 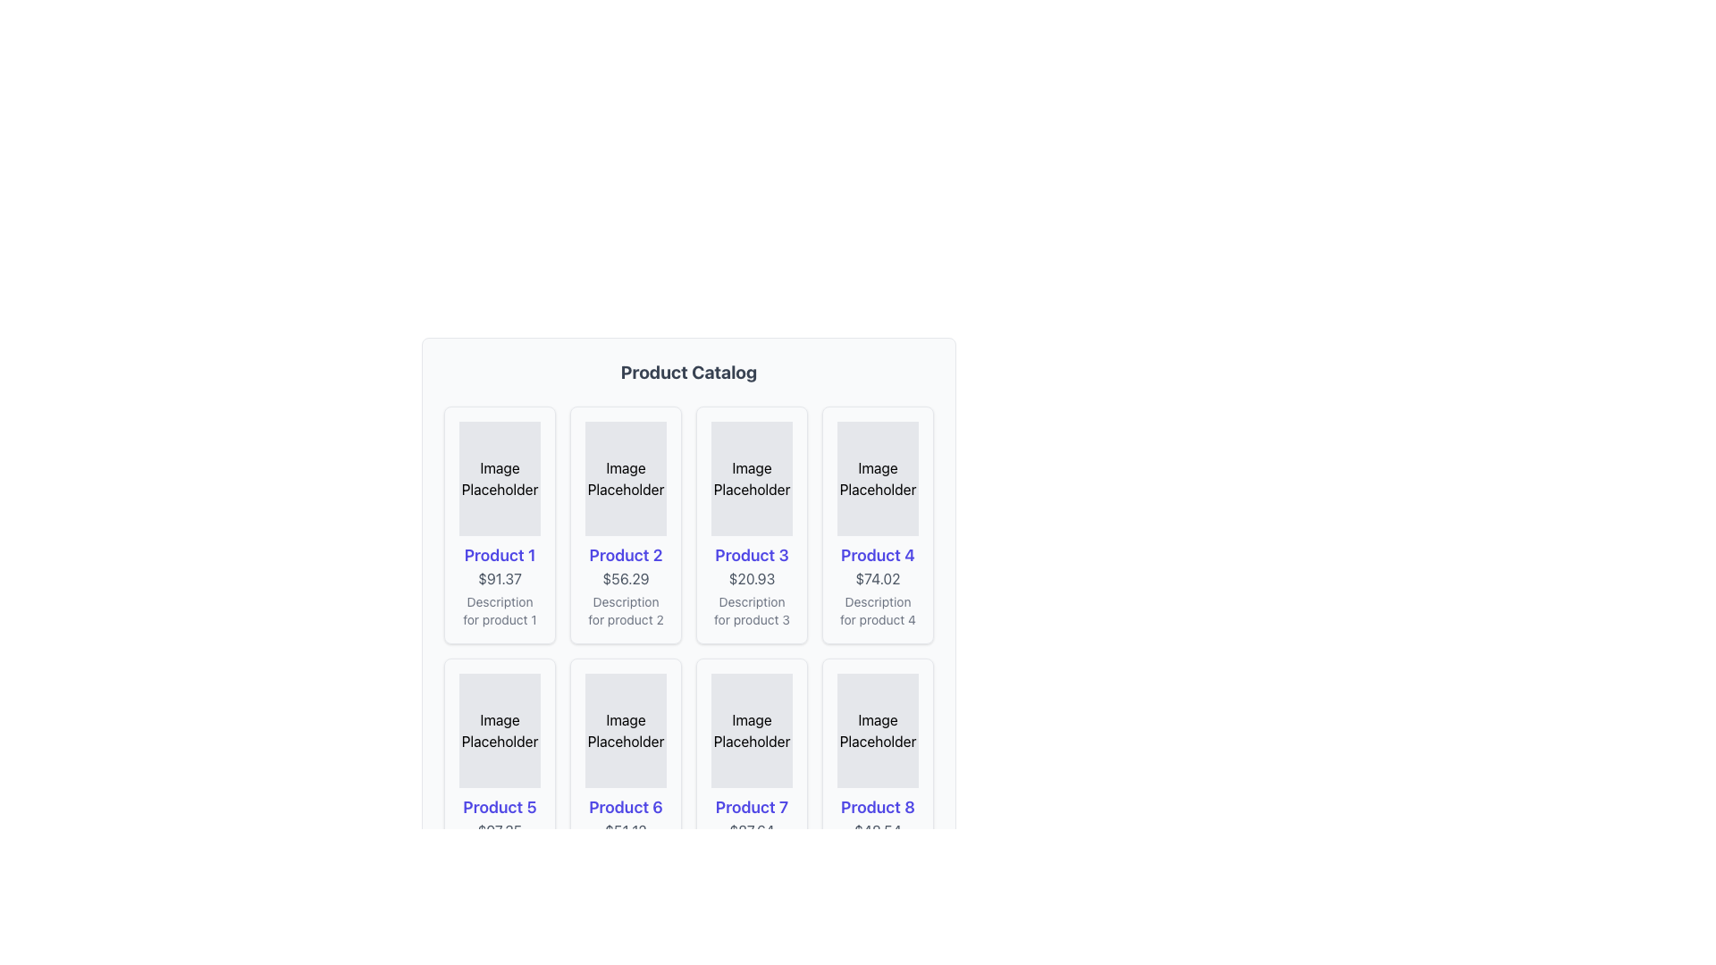 What do you see at coordinates (626, 554) in the screenshot?
I see `the bold, indigo colored text label displaying 'Product 2' if it is linked, located in the second column of a 4x2 grid of product items` at bounding box center [626, 554].